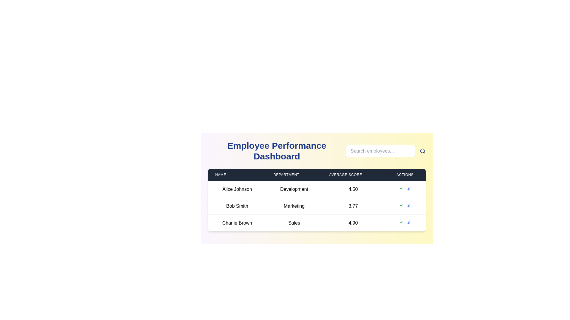 This screenshot has width=570, height=320. I want to click on the downward-pointing chevron icon button in the last row of the 'Actions' column next to the 'Sales' label for the 'Charlie Brown' entry, so click(401, 222).